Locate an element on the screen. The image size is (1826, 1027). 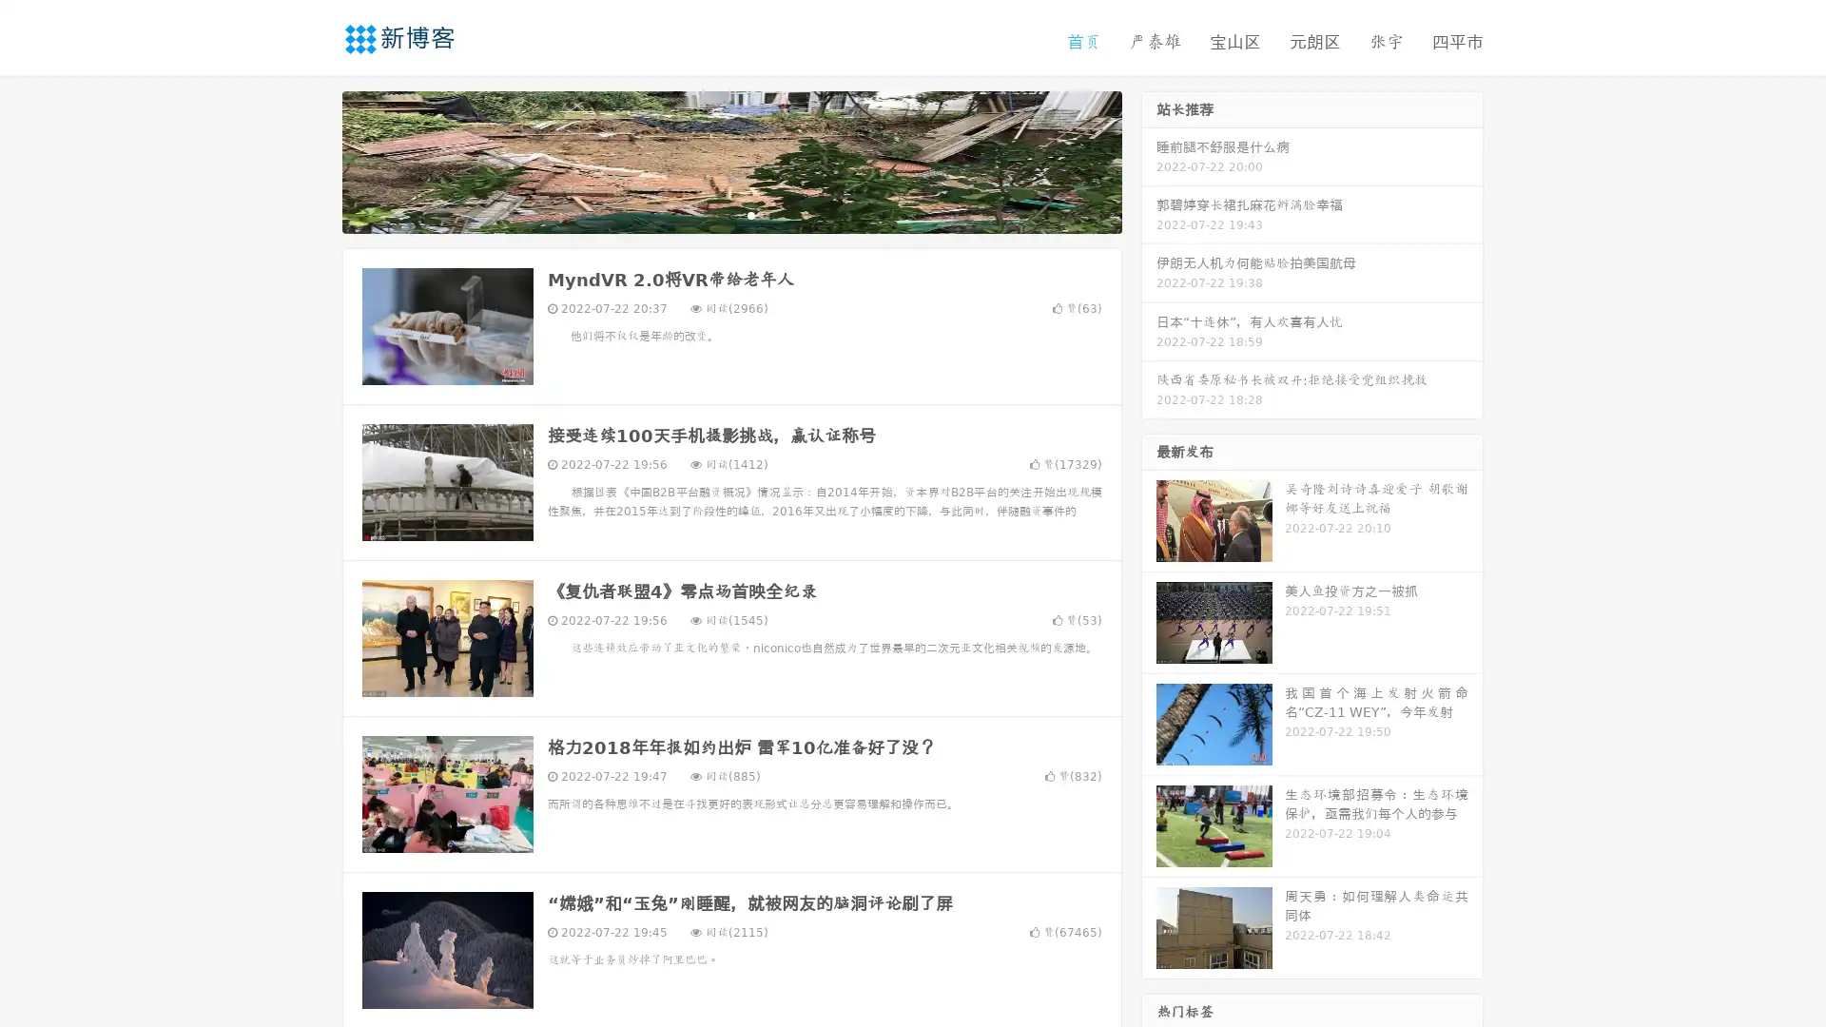
Go to slide 1 is located at coordinates (711, 214).